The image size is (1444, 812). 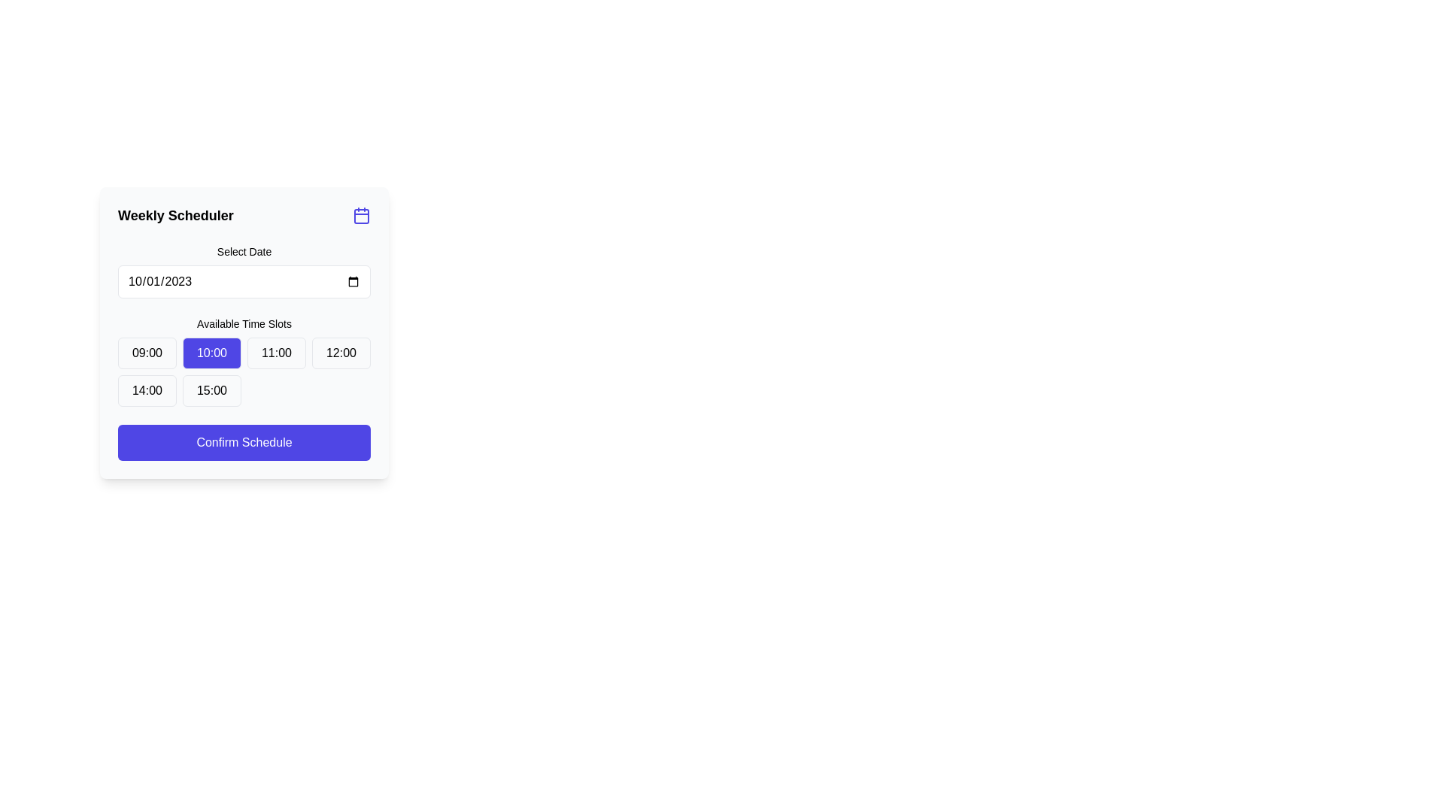 I want to click on the rectangular button with a white background and black text displaying '12:00', so click(x=341, y=353).